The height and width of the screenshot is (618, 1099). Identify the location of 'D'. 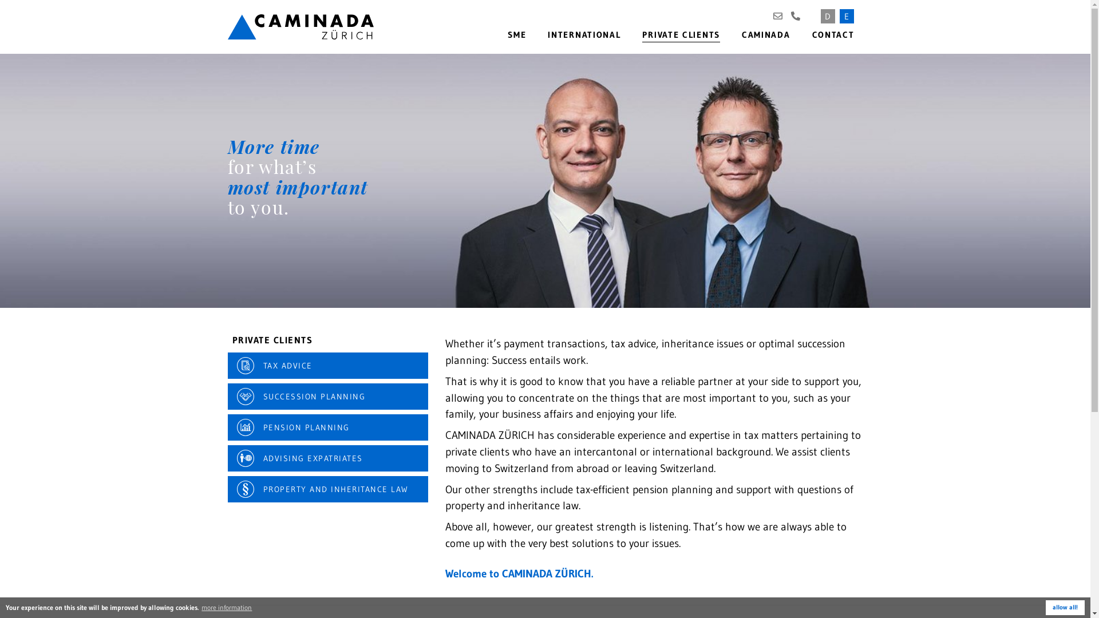
(820, 16).